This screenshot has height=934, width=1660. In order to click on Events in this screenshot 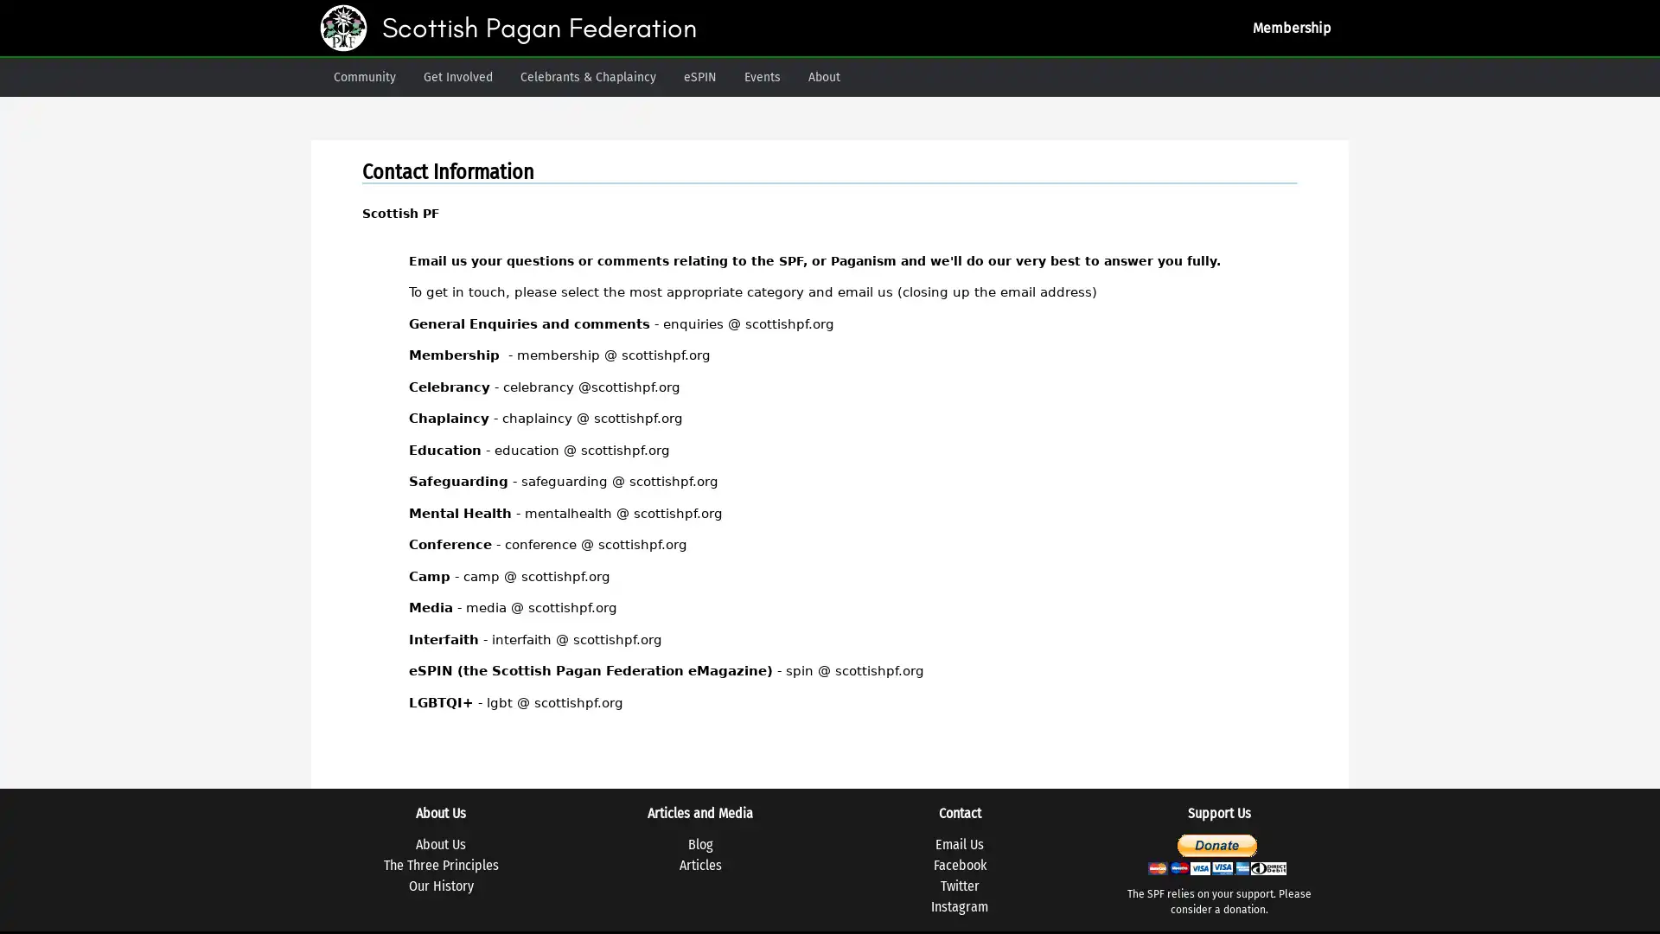, I will do `click(762, 76)`.